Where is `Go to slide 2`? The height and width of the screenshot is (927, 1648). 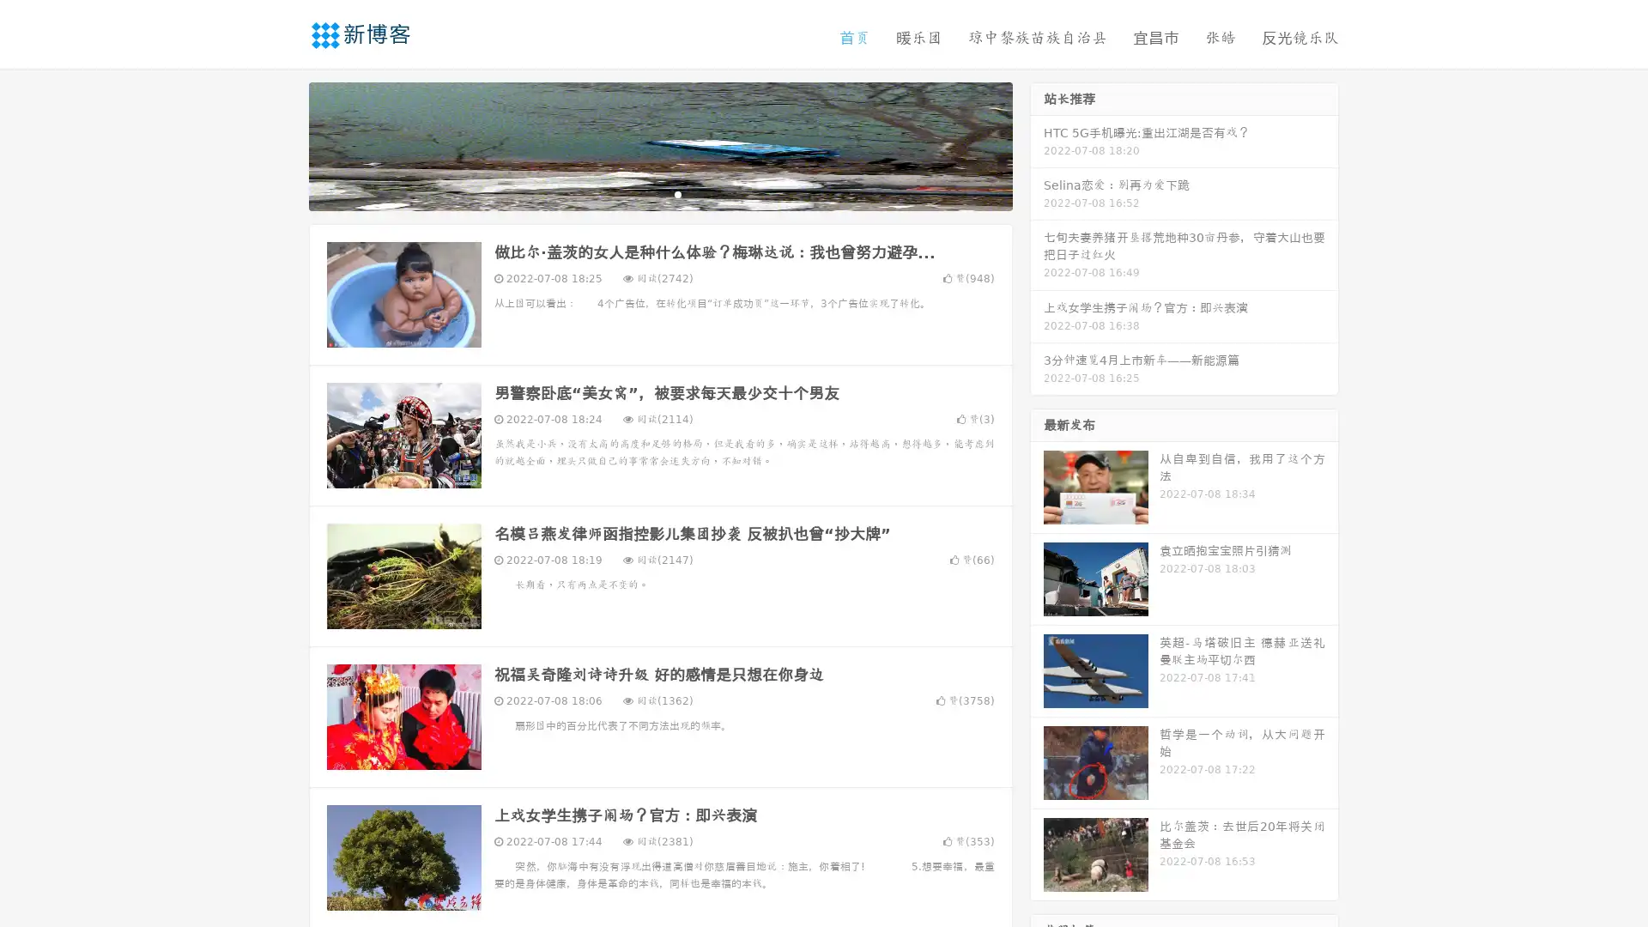
Go to slide 2 is located at coordinates (659, 193).